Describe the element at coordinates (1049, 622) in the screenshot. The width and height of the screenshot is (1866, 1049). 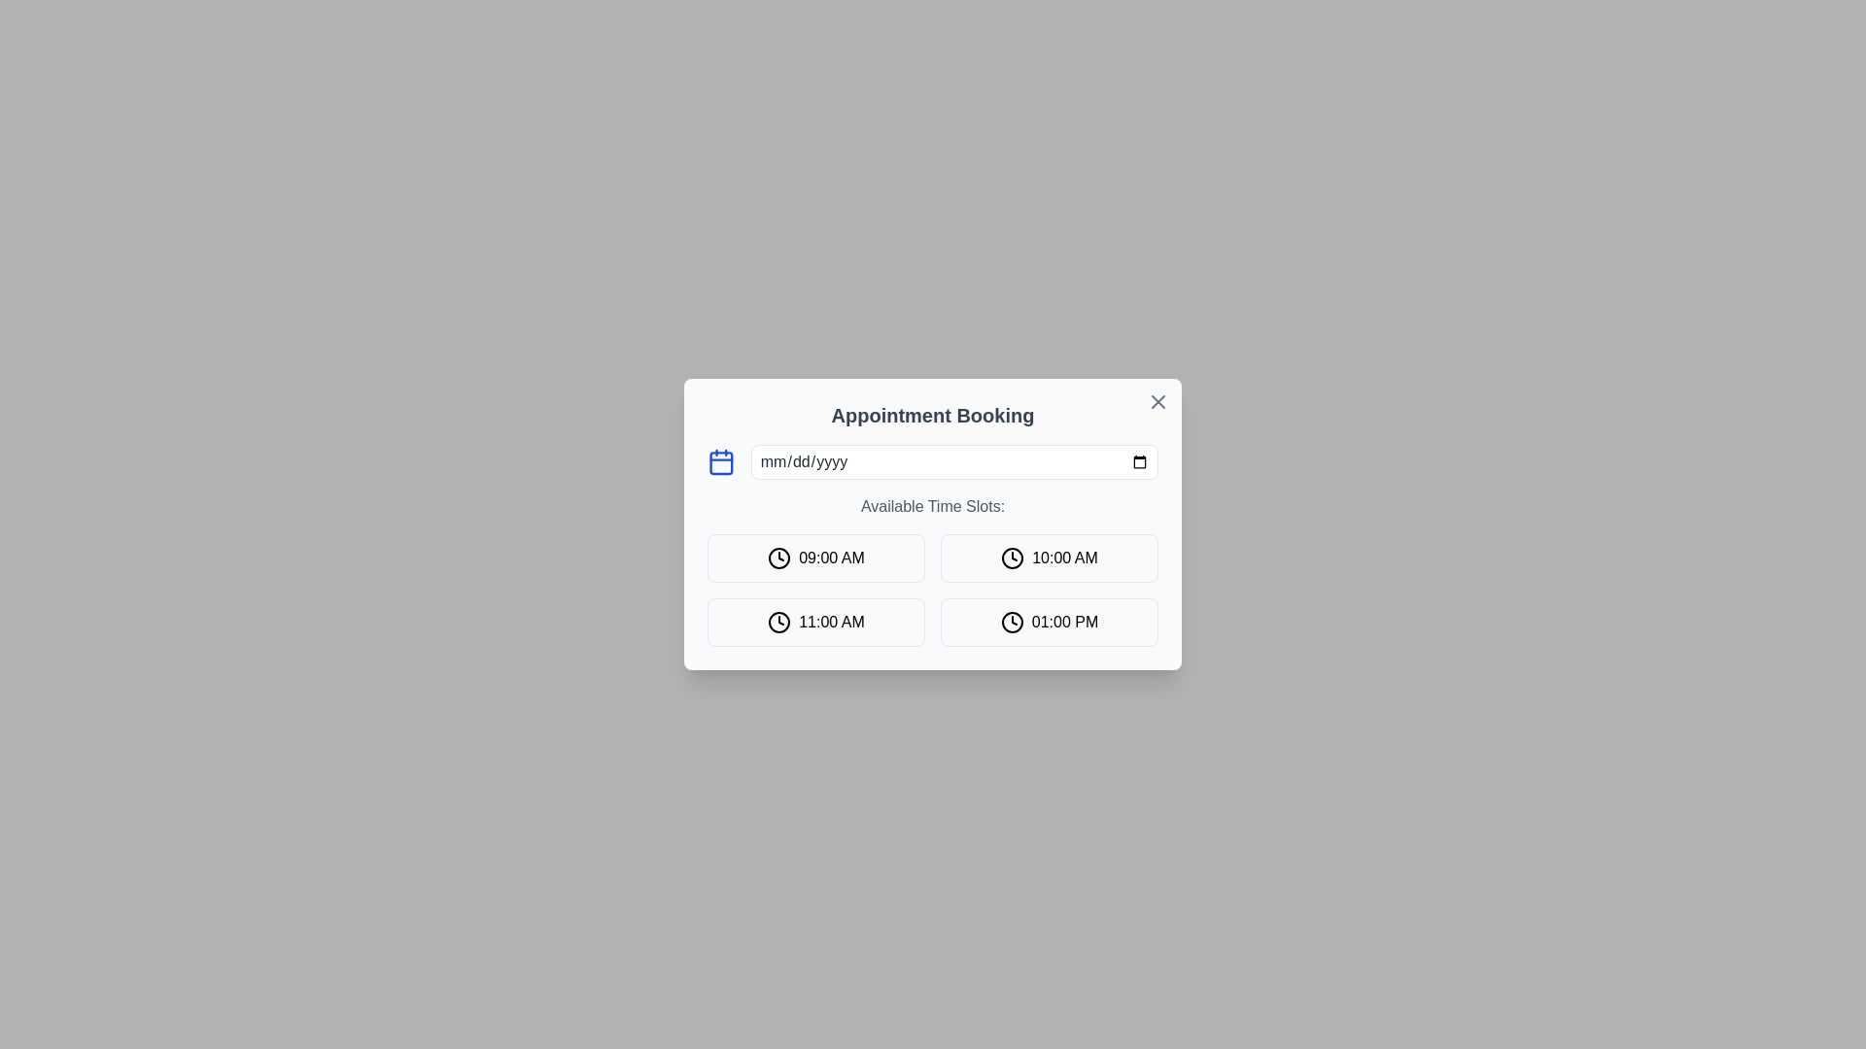
I see `the '01:00 PM' button, which is the fourth button in a grid layout of time-slot buttons, located at the bottom-right corner beneath '10:00 AM' and to the right of '11:00 AM'` at that location.